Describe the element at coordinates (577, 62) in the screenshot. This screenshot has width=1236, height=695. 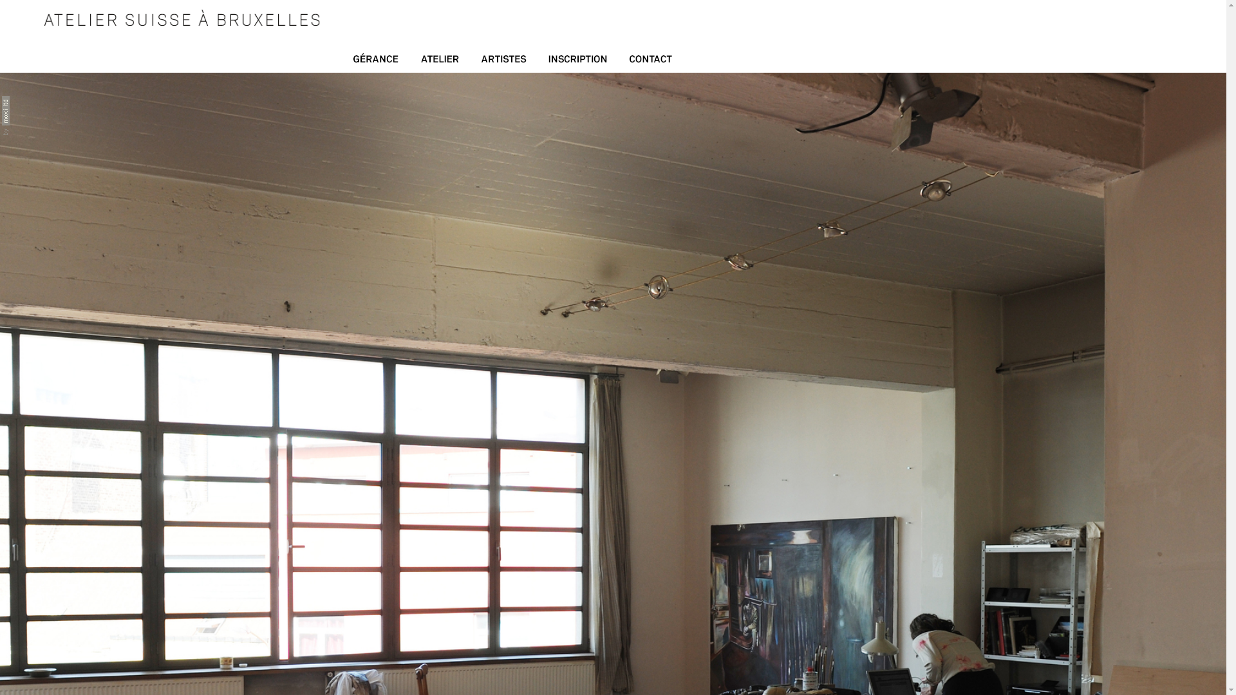
I see `'INSCRIPTION'` at that location.